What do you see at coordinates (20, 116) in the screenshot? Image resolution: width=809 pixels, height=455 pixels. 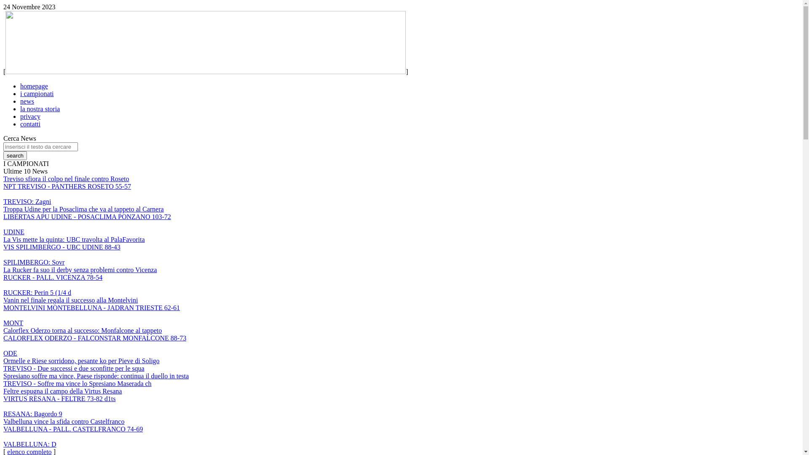 I see `'privacy'` at bounding box center [20, 116].